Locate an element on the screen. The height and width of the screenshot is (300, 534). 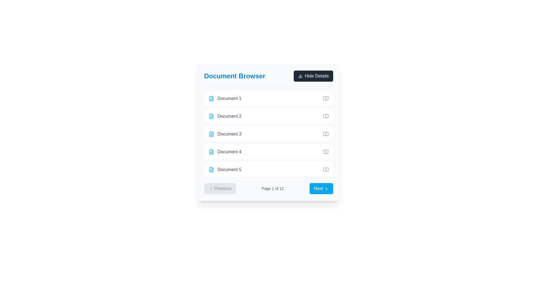
the toggle visibility button located in the top-right corner of its section, adjacent to the 'Document Browser' heading is located at coordinates (313, 76).